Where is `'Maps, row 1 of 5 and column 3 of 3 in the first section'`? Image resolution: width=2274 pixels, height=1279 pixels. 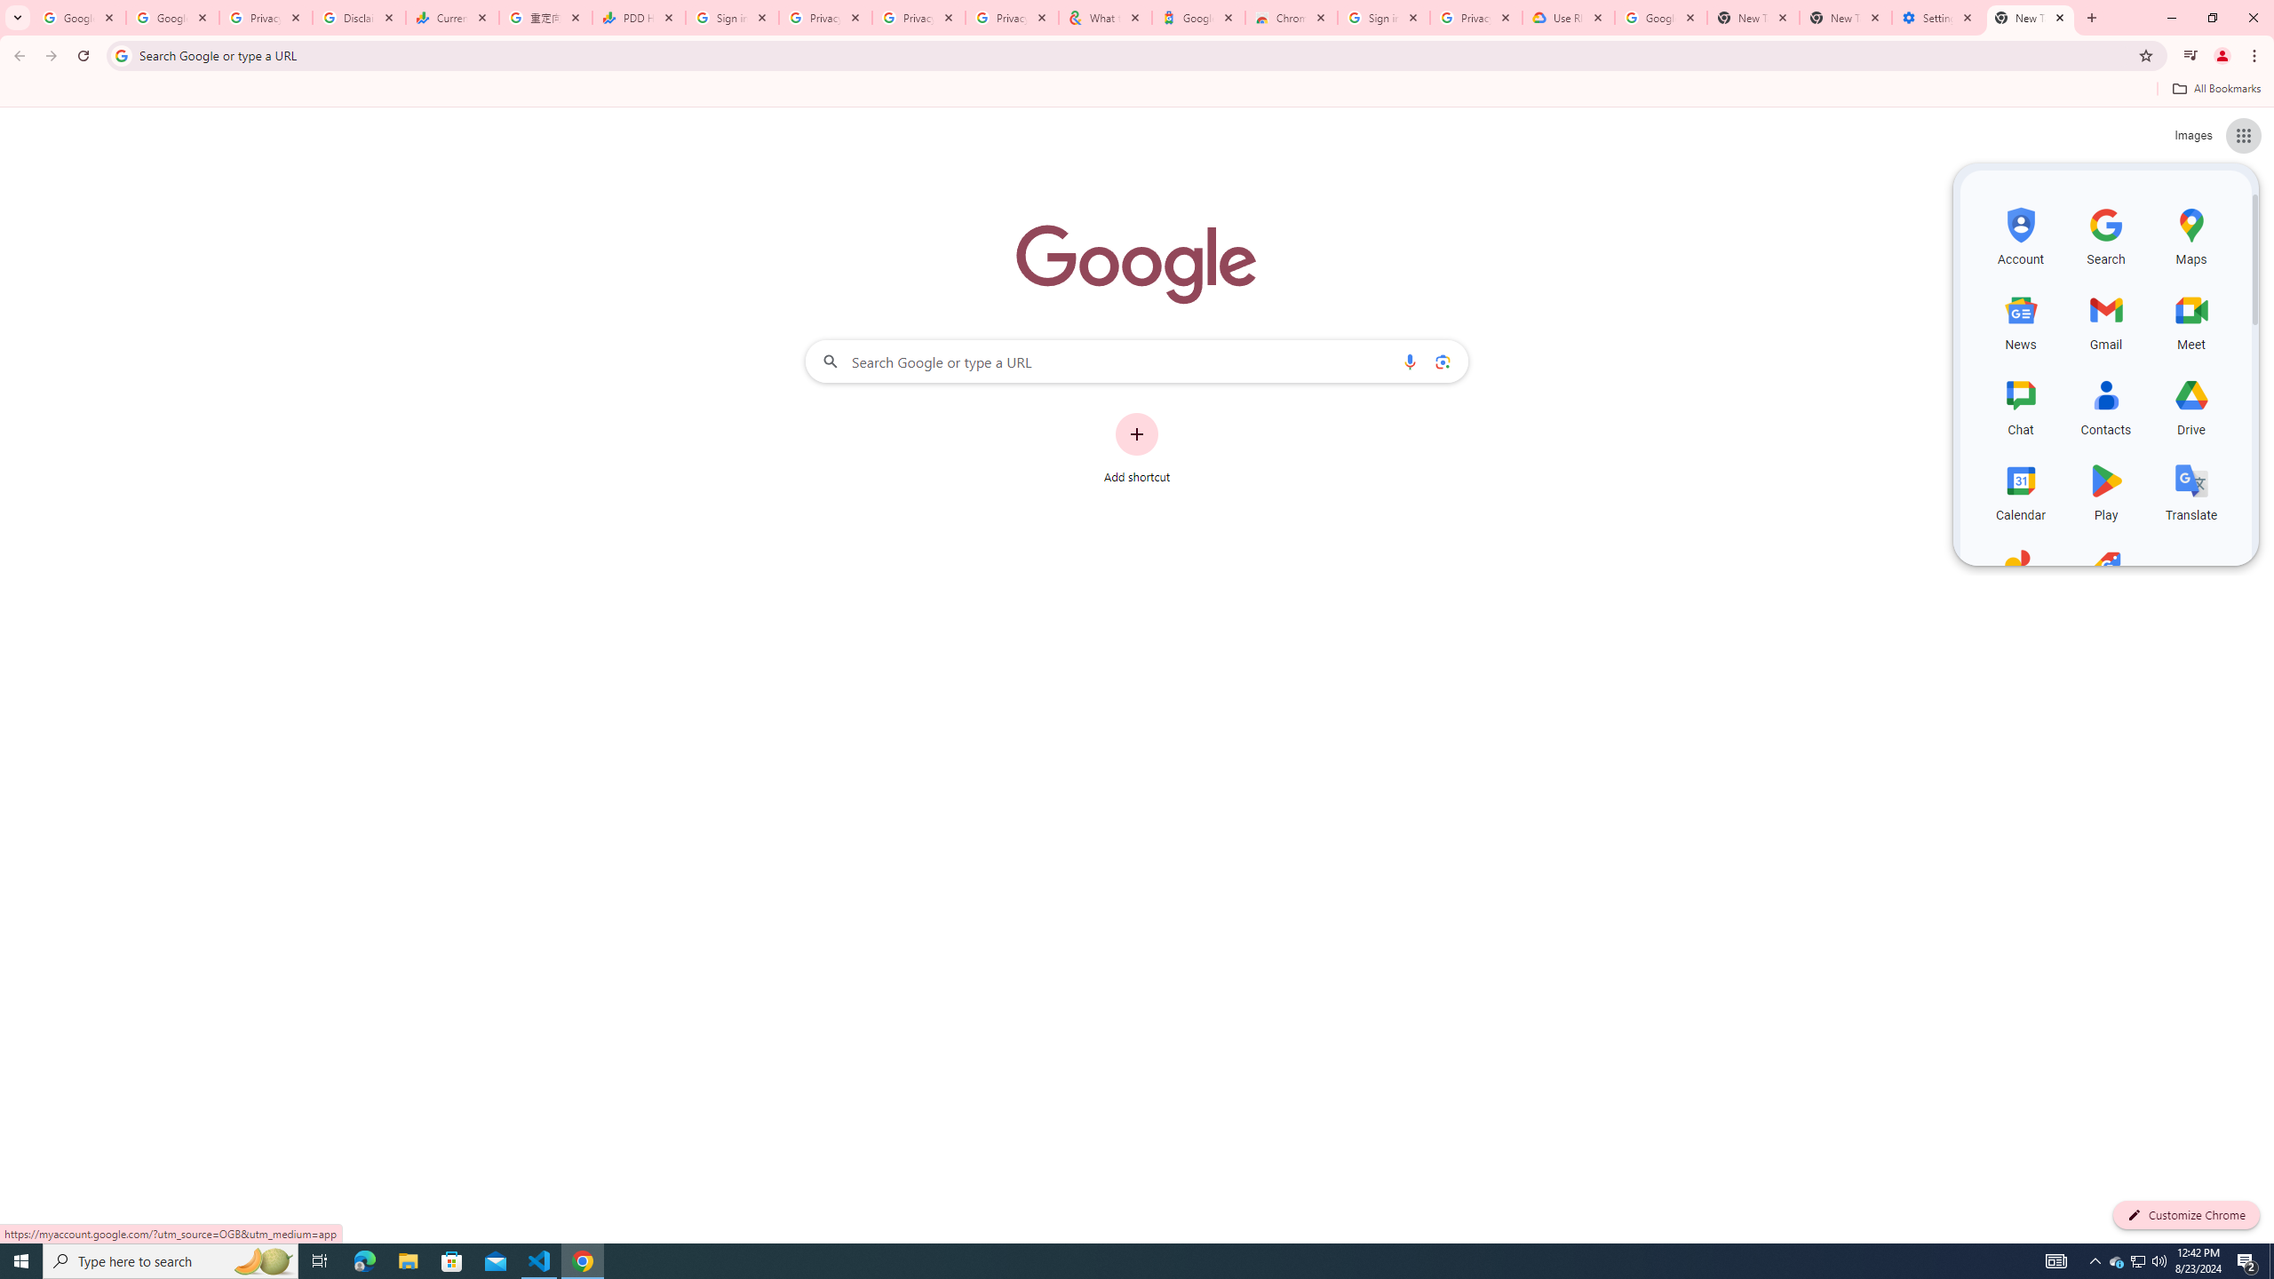 'Maps, row 1 of 5 and column 3 of 3 in the first section' is located at coordinates (2191, 234).